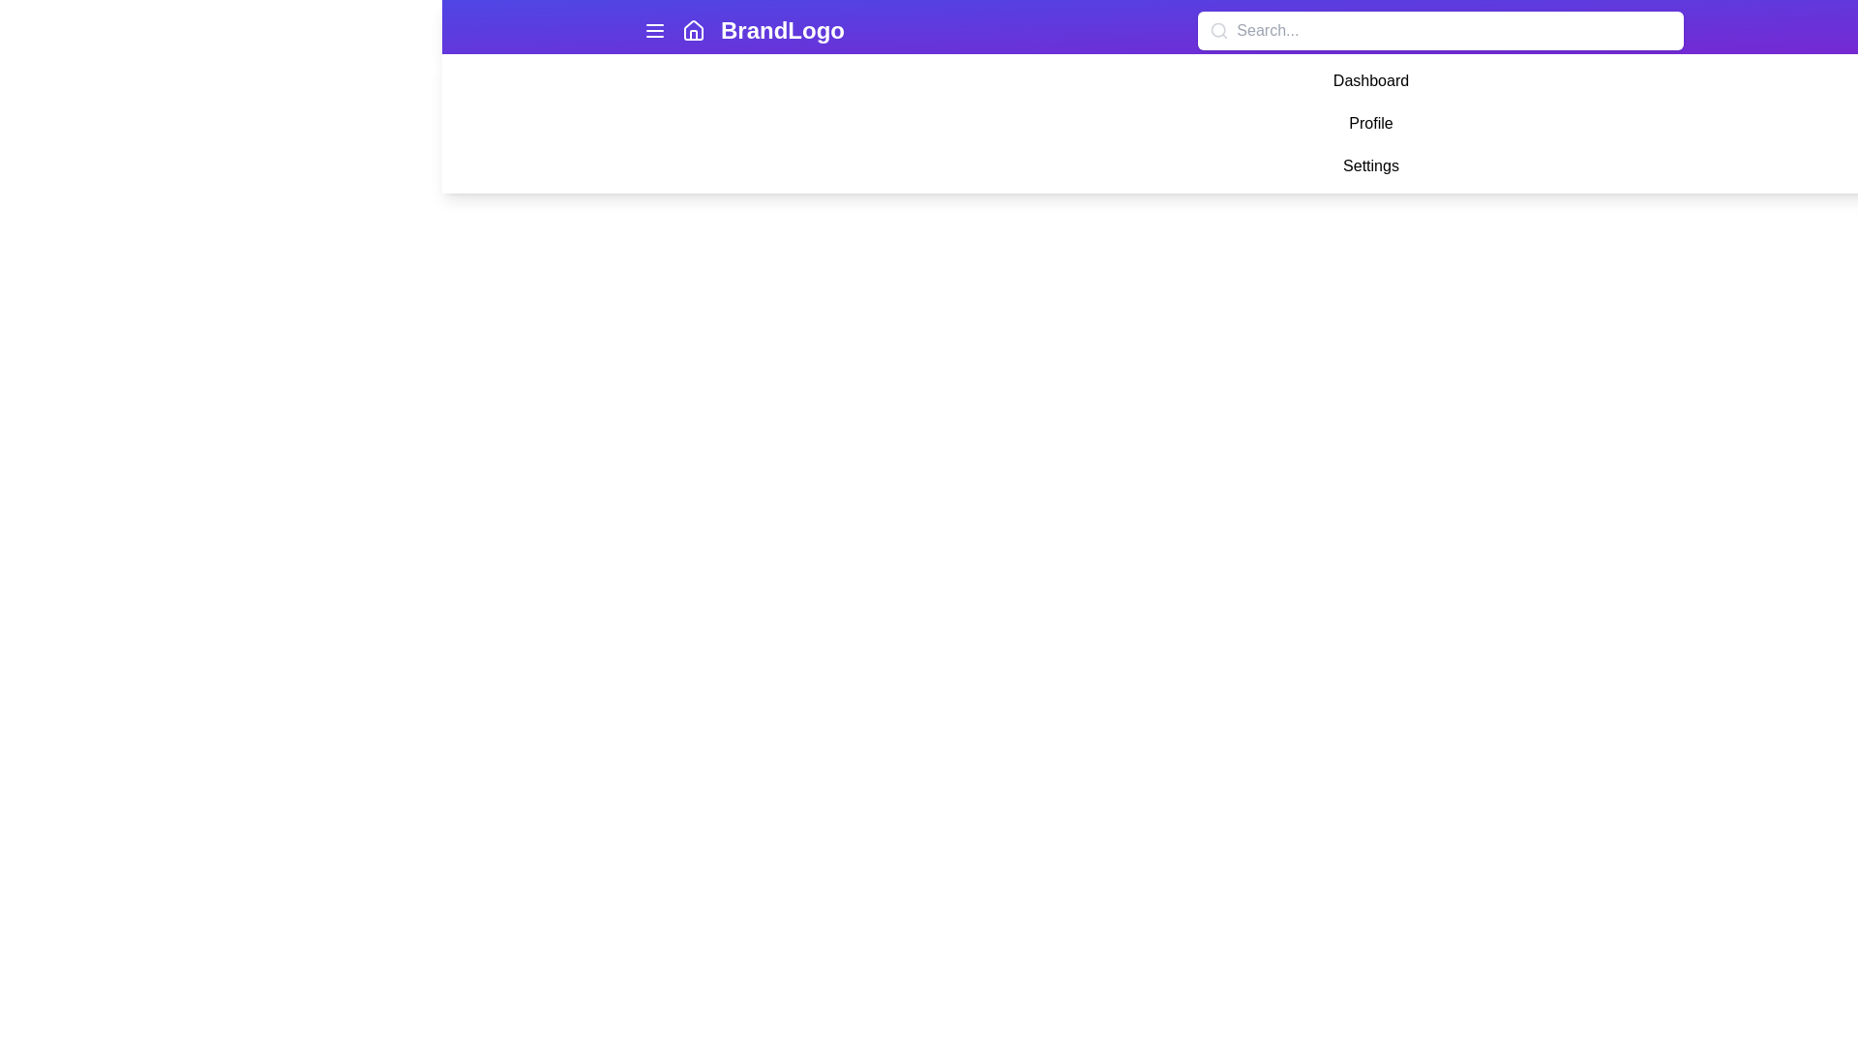  I want to click on the magnifying glass icon located within the search bar, positioned on the left side near the placeholder text, so click(1218, 30).